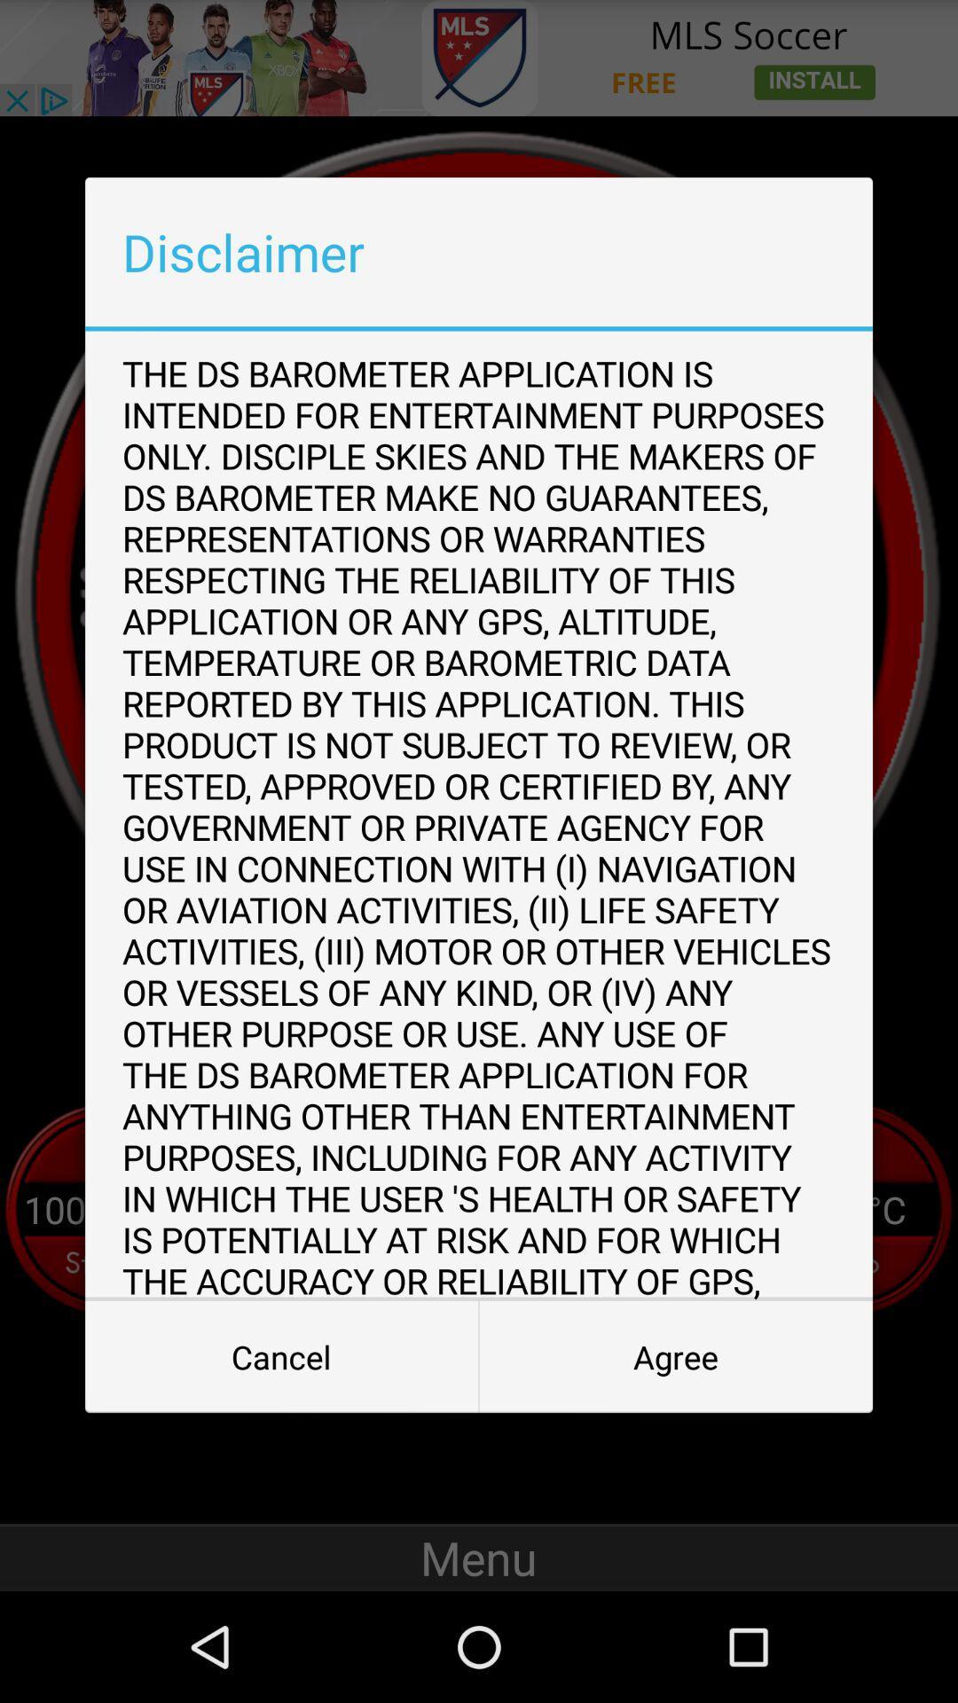 The height and width of the screenshot is (1703, 958). I want to click on the item to the left of the agree button, so click(280, 1356).